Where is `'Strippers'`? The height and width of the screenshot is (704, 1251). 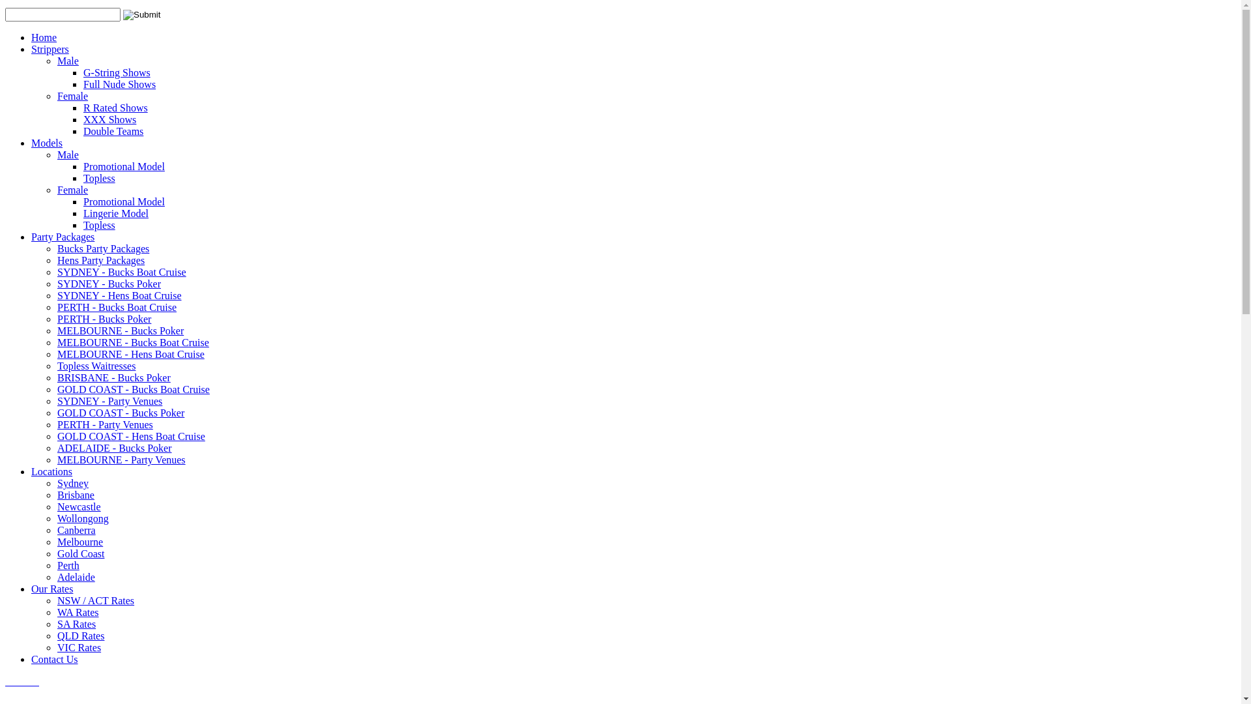
'Strippers' is located at coordinates (50, 48).